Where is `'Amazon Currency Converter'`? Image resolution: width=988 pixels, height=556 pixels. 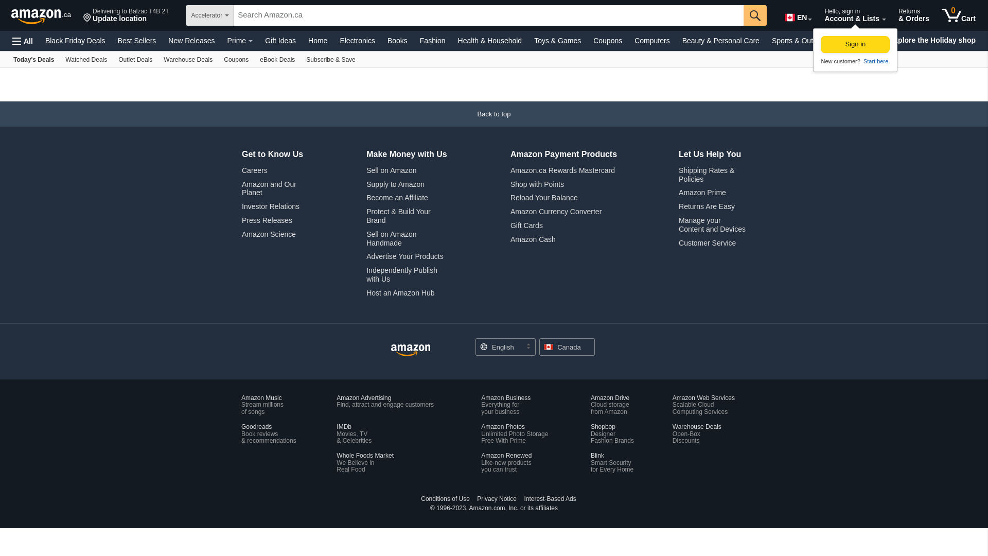 'Amazon Currency Converter' is located at coordinates (555, 211).